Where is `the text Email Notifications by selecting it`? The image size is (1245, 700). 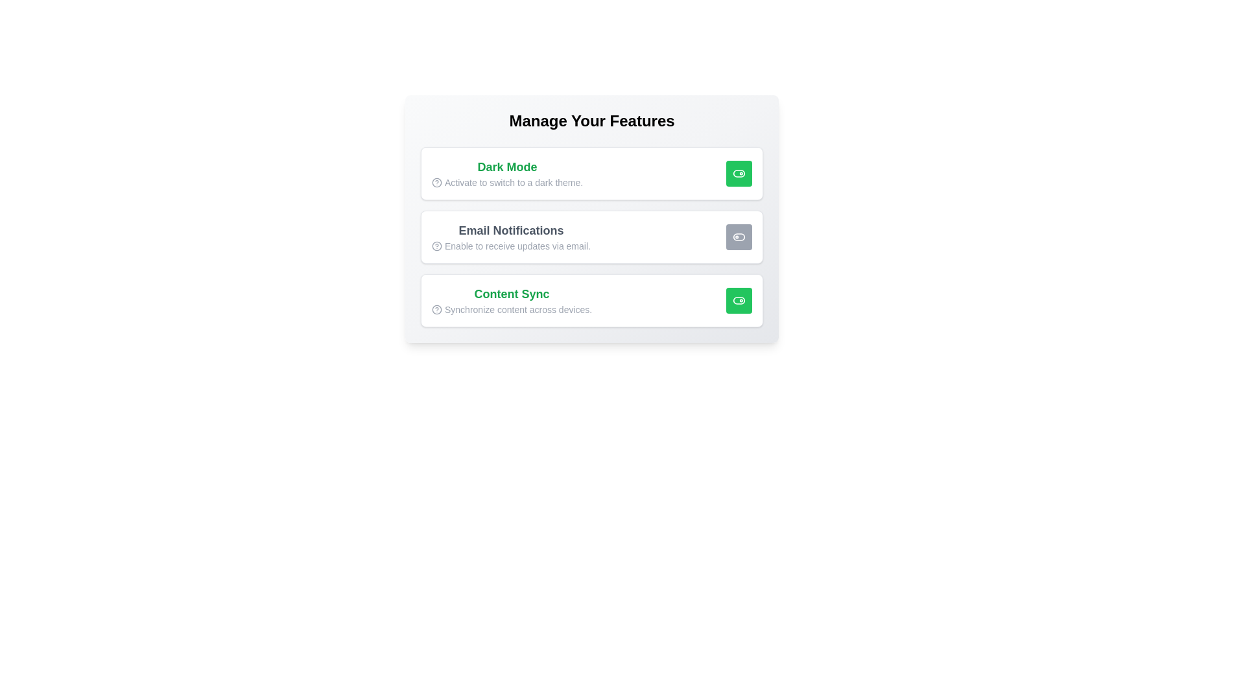
the text Email Notifications by selecting it is located at coordinates (510, 229).